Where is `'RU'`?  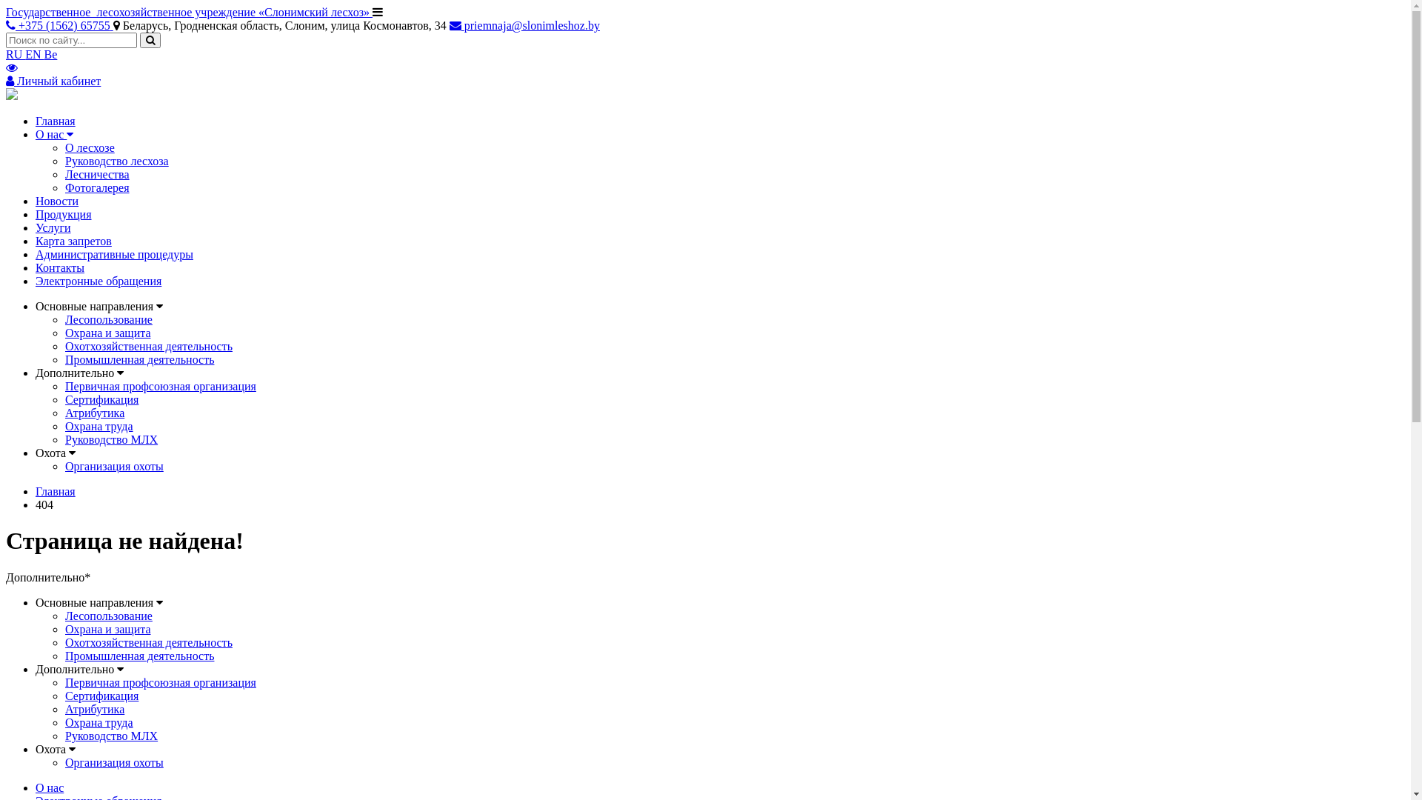 'RU' is located at coordinates (15, 53).